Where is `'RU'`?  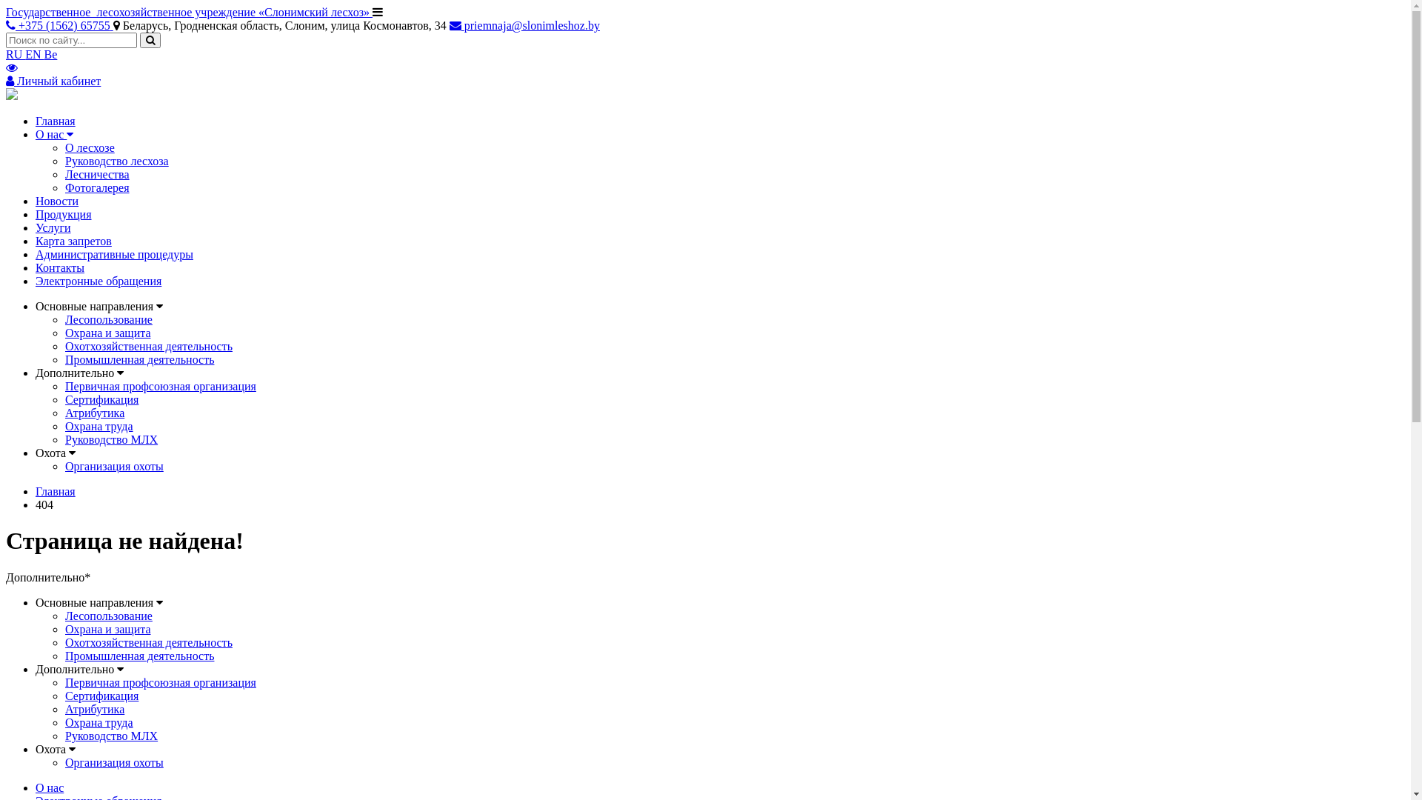 'RU' is located at coordinates (15, 53).